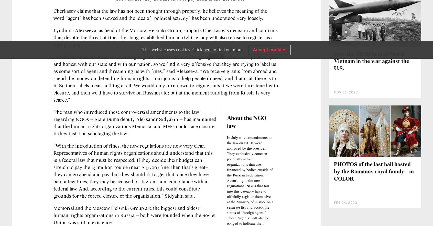  What do you see at coordinates (207, 49) in the screenshot?
I see `'here'` at bounding box center [207, 49].